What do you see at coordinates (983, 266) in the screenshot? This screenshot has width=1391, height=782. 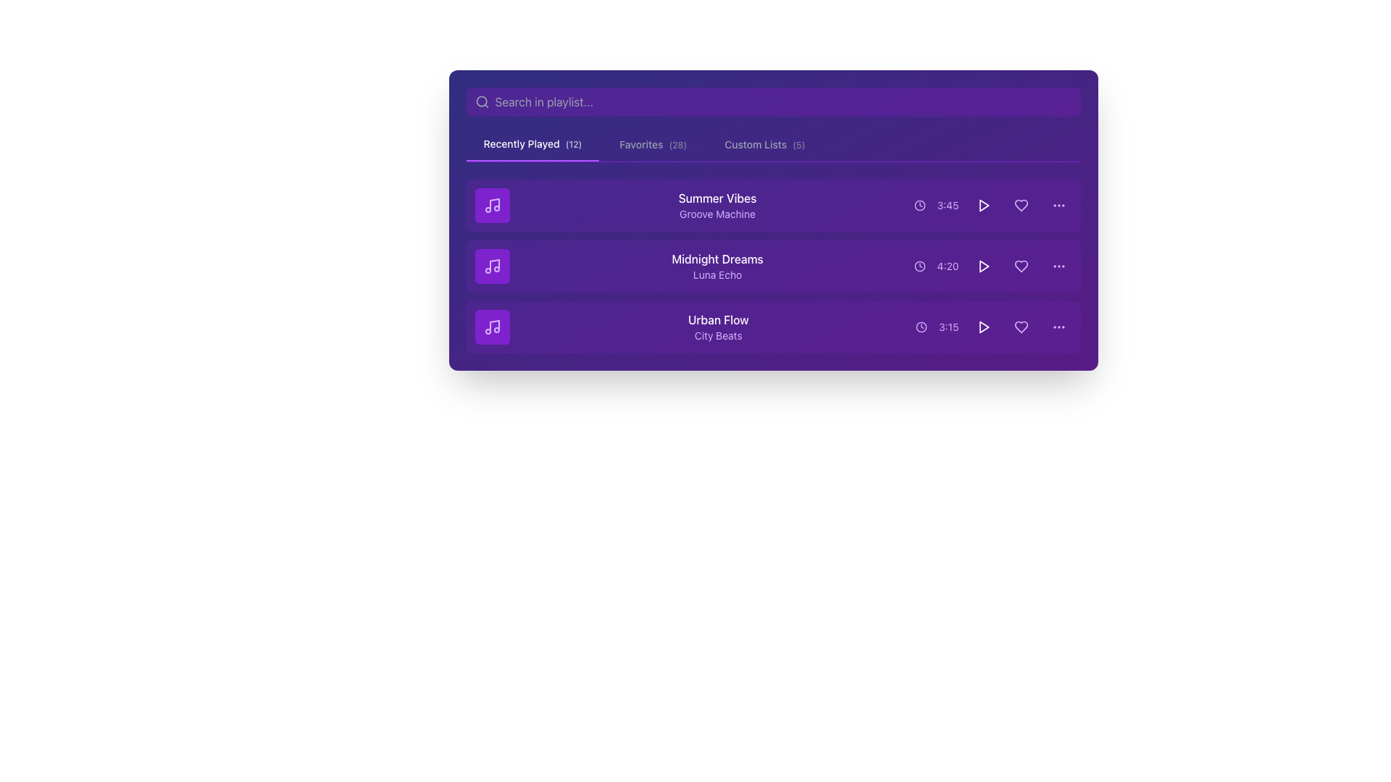 I see `the play button located in the second row of the playlist` at bounding box center [983, 266].